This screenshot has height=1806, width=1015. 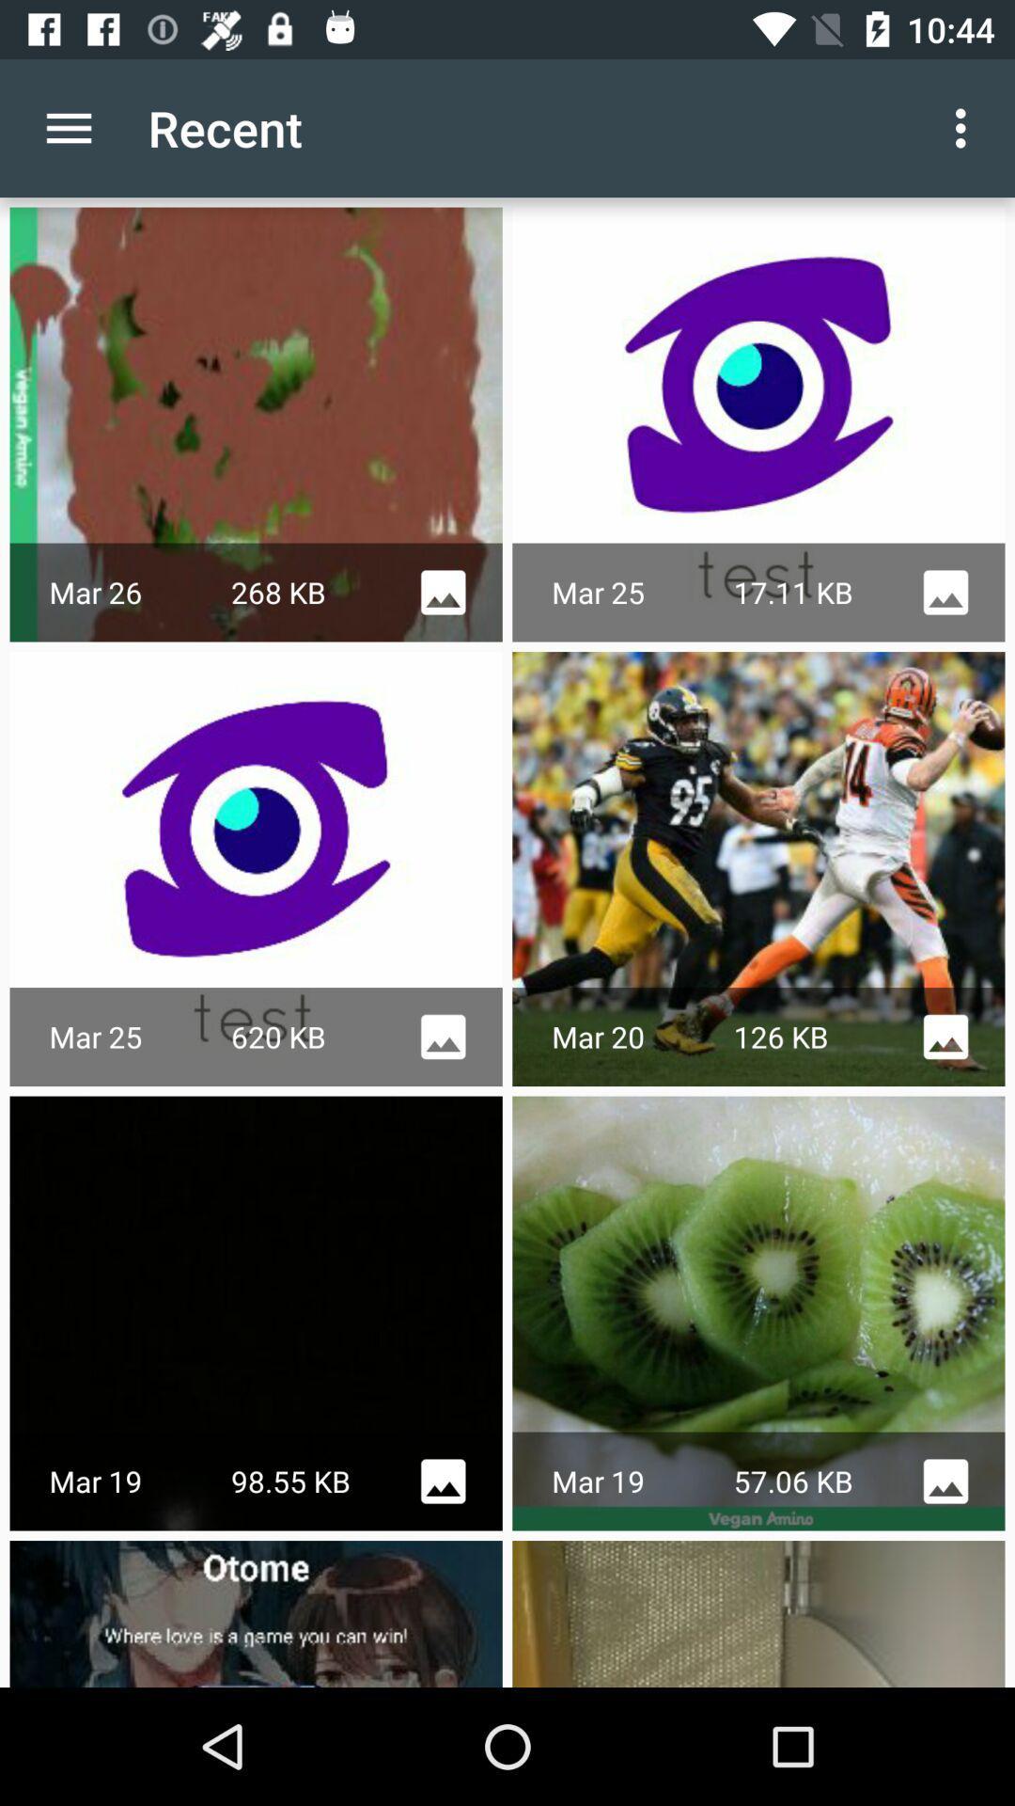 What do you see at coordinates (257, 1612) in the screenshot?
I see `the last image on left` at bounding box center [257, 1612].